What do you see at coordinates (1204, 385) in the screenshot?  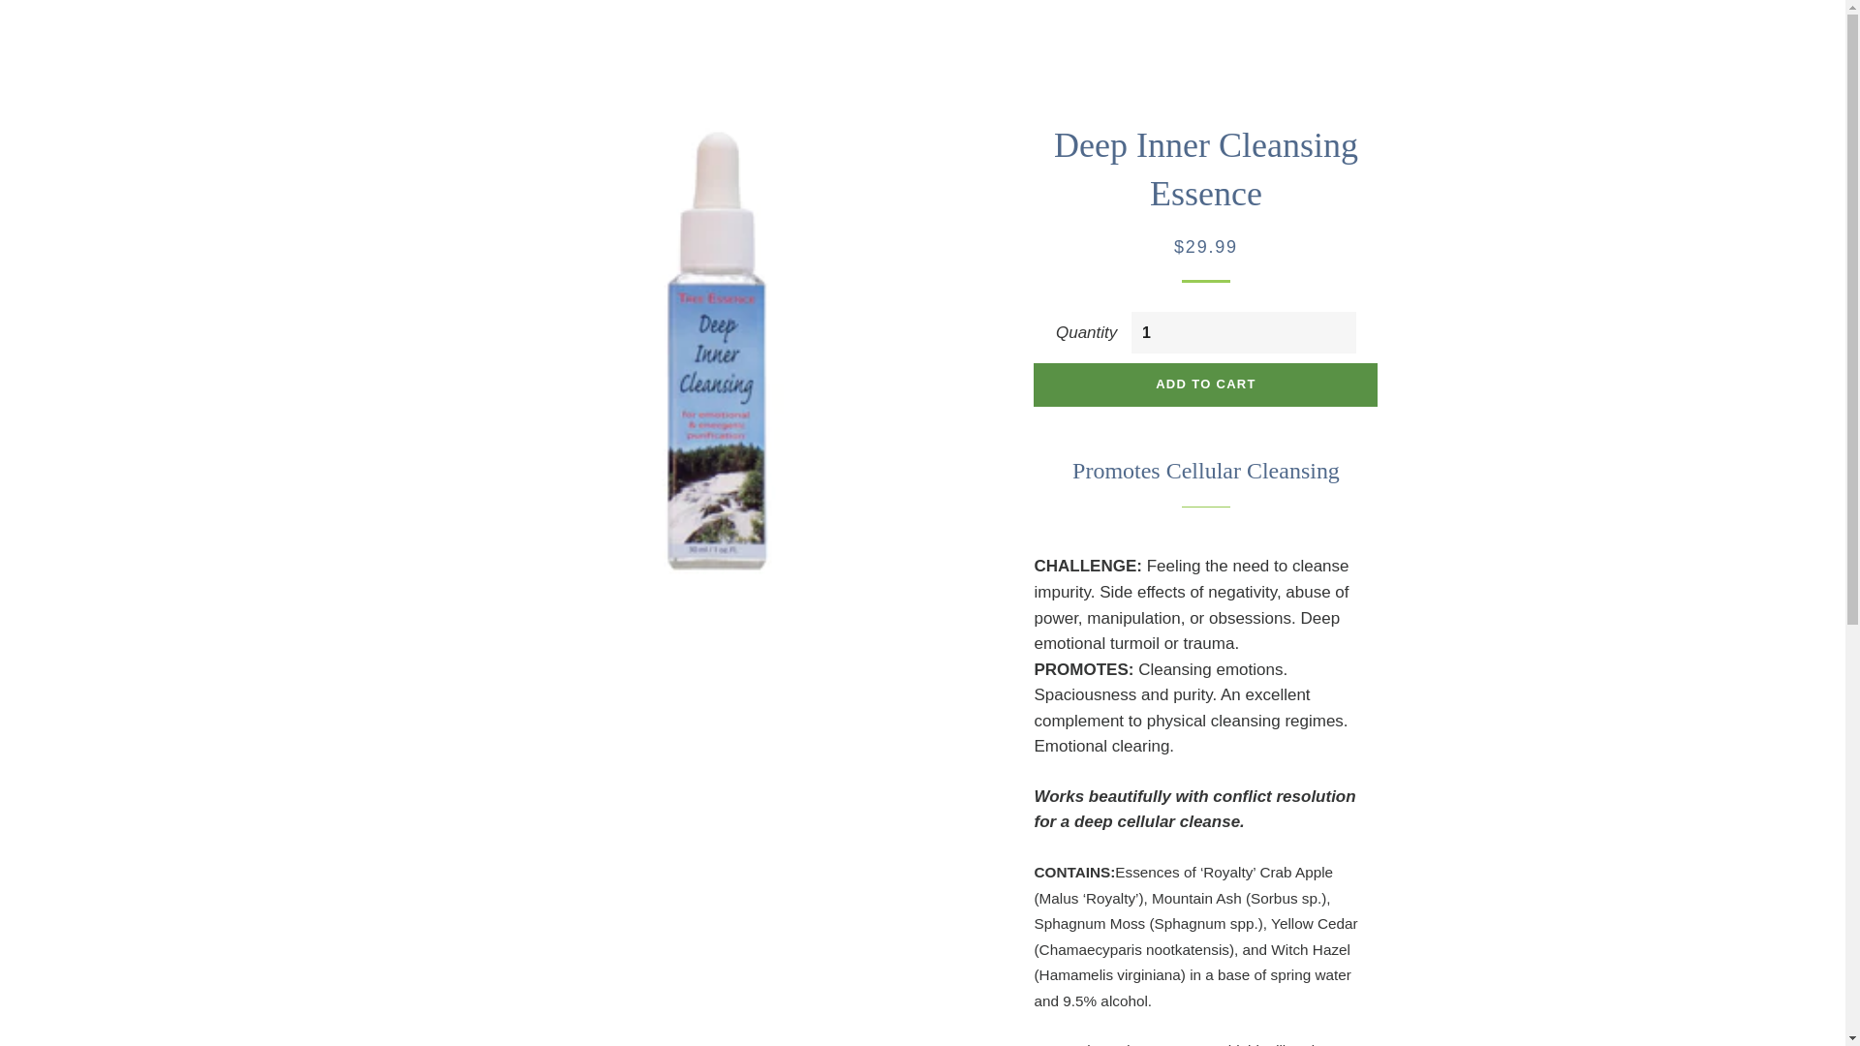 I see `'ADD TO CART'` at bounding box center [1204, 385].